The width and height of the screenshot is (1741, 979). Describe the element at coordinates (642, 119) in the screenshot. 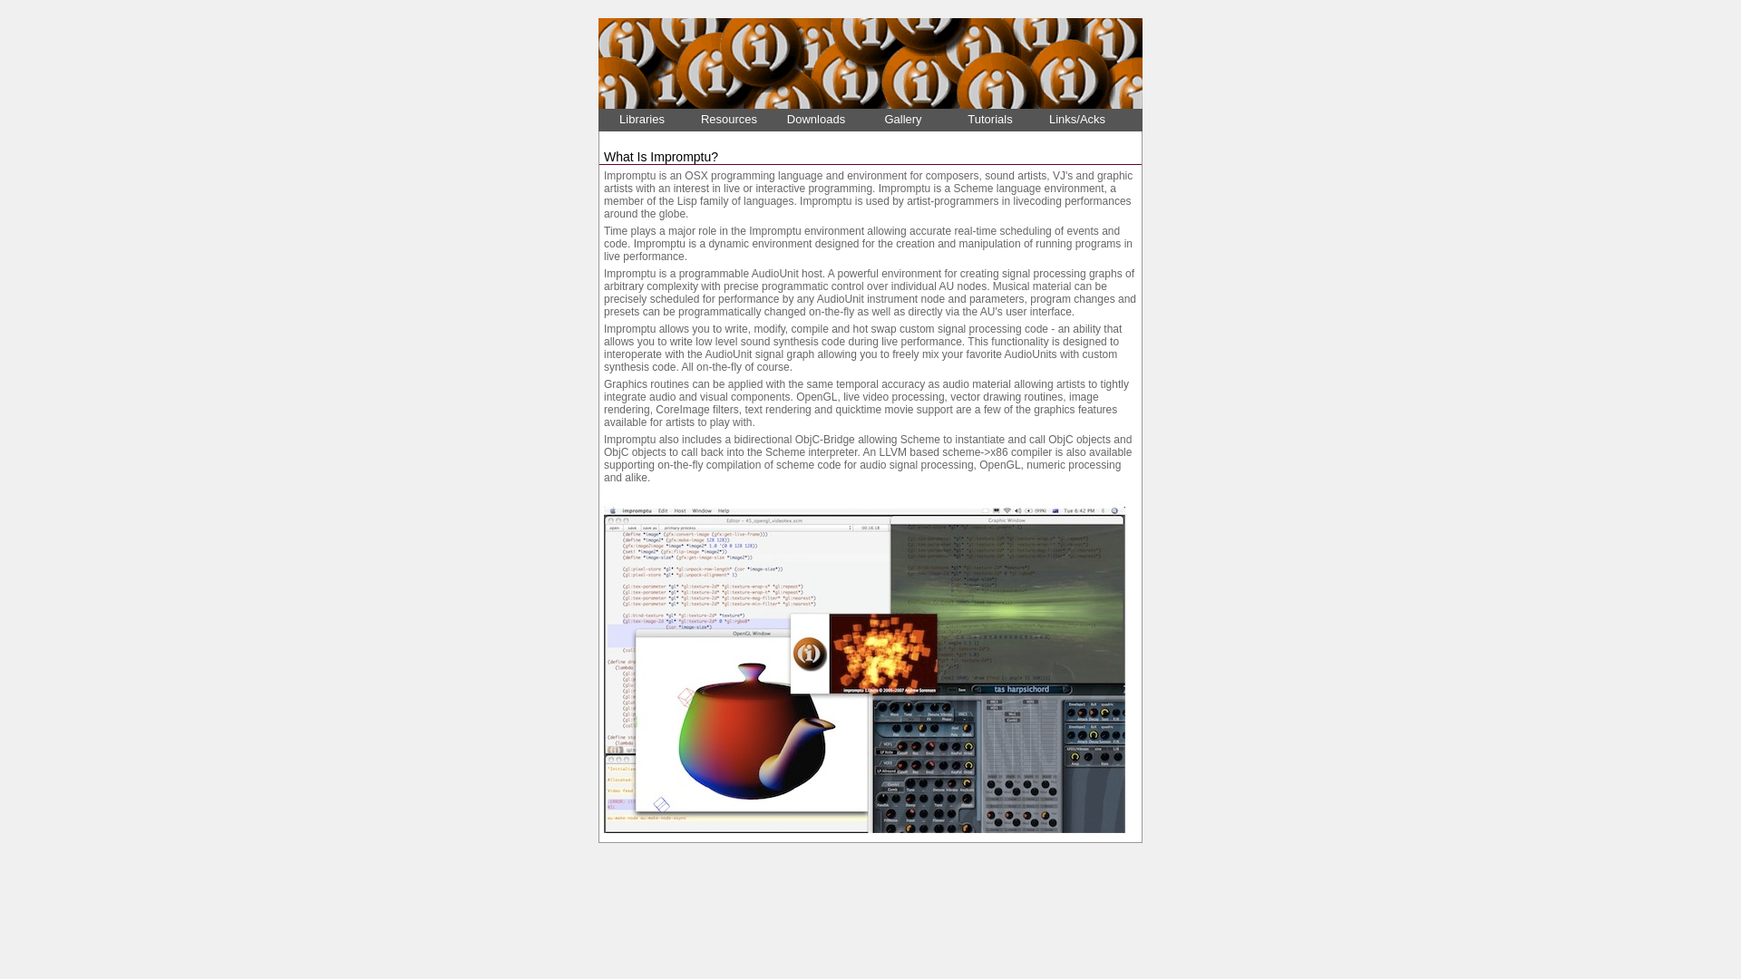

I see `'Libraries'` at that location.